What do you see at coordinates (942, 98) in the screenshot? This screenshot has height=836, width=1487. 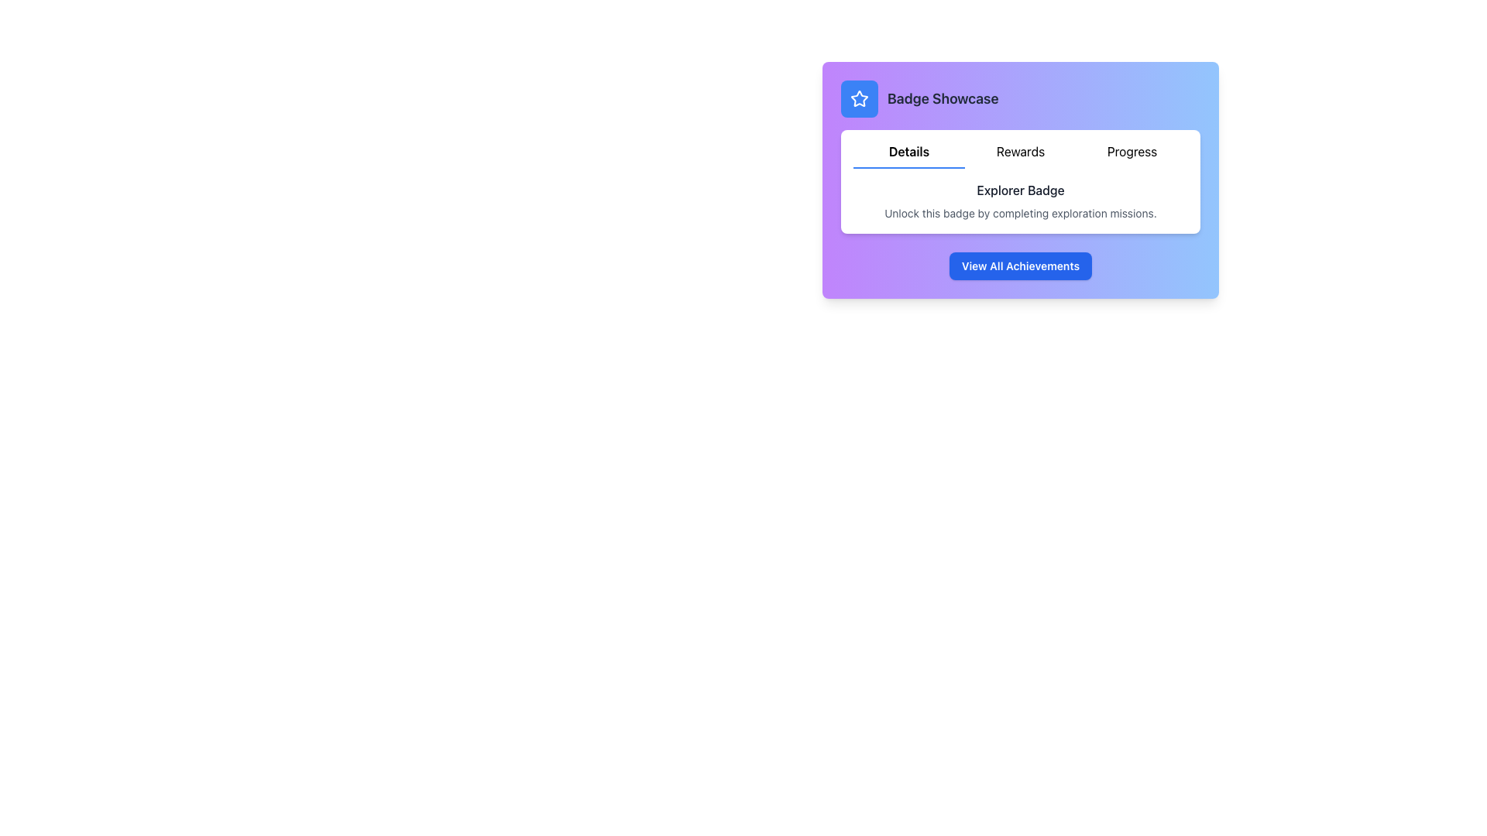 I see `the static text element that serves as a title for the card component related to badges, located in the upper-left section, centered horizontally within the card` at bounding box center [942, 98].